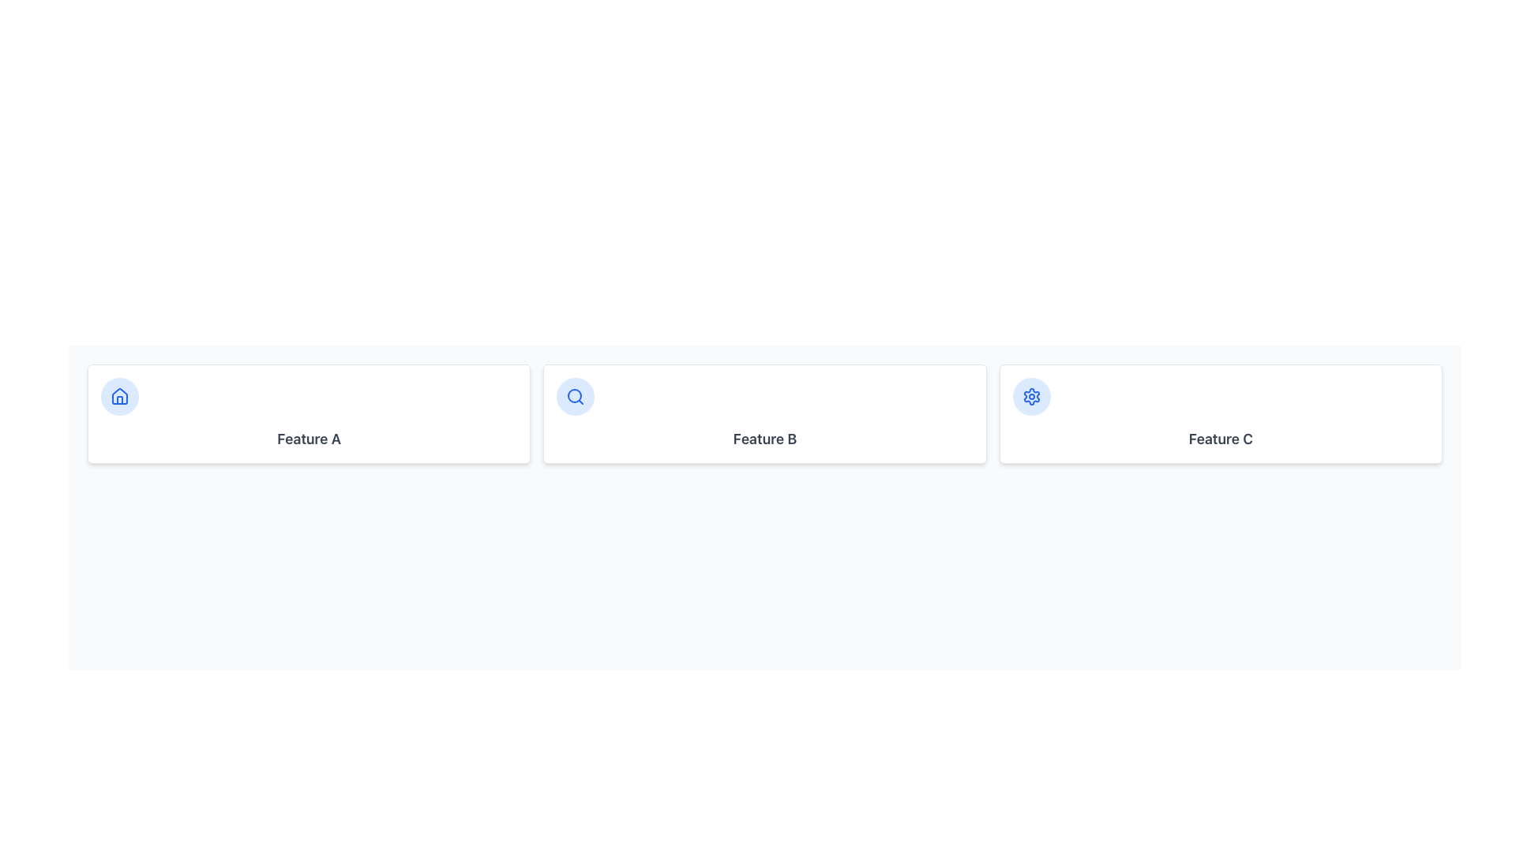 This screenshot has height=852, width=1516. Describe the element at coordinates (575, 395) in the screenshot. I see `the second feature icon` at that location.